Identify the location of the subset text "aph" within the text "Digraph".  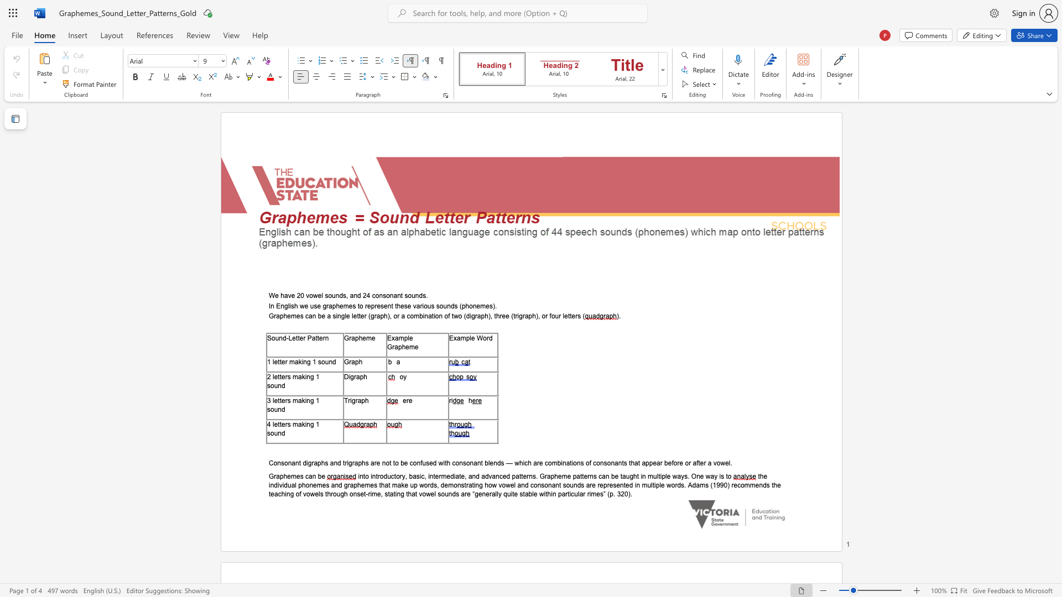
(356, 376).